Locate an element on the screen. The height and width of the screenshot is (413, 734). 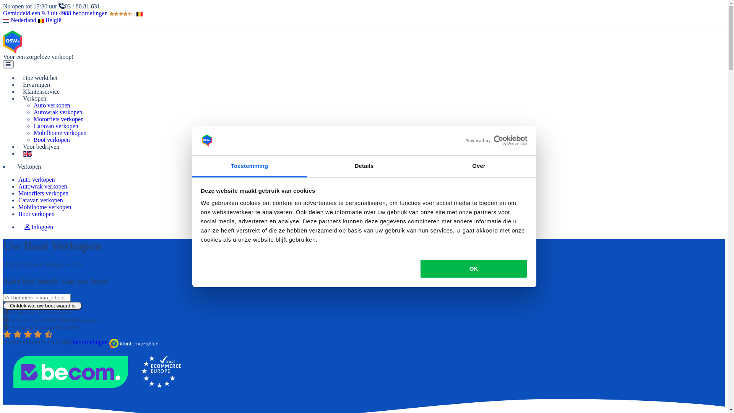
'Ervaringen' is located at coordinates (36, 85).